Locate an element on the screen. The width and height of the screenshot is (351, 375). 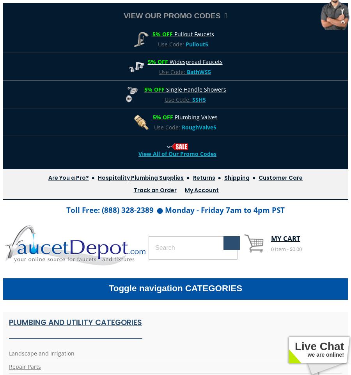
'Landscape and Irrigation' is located at coordinates (41, 352).